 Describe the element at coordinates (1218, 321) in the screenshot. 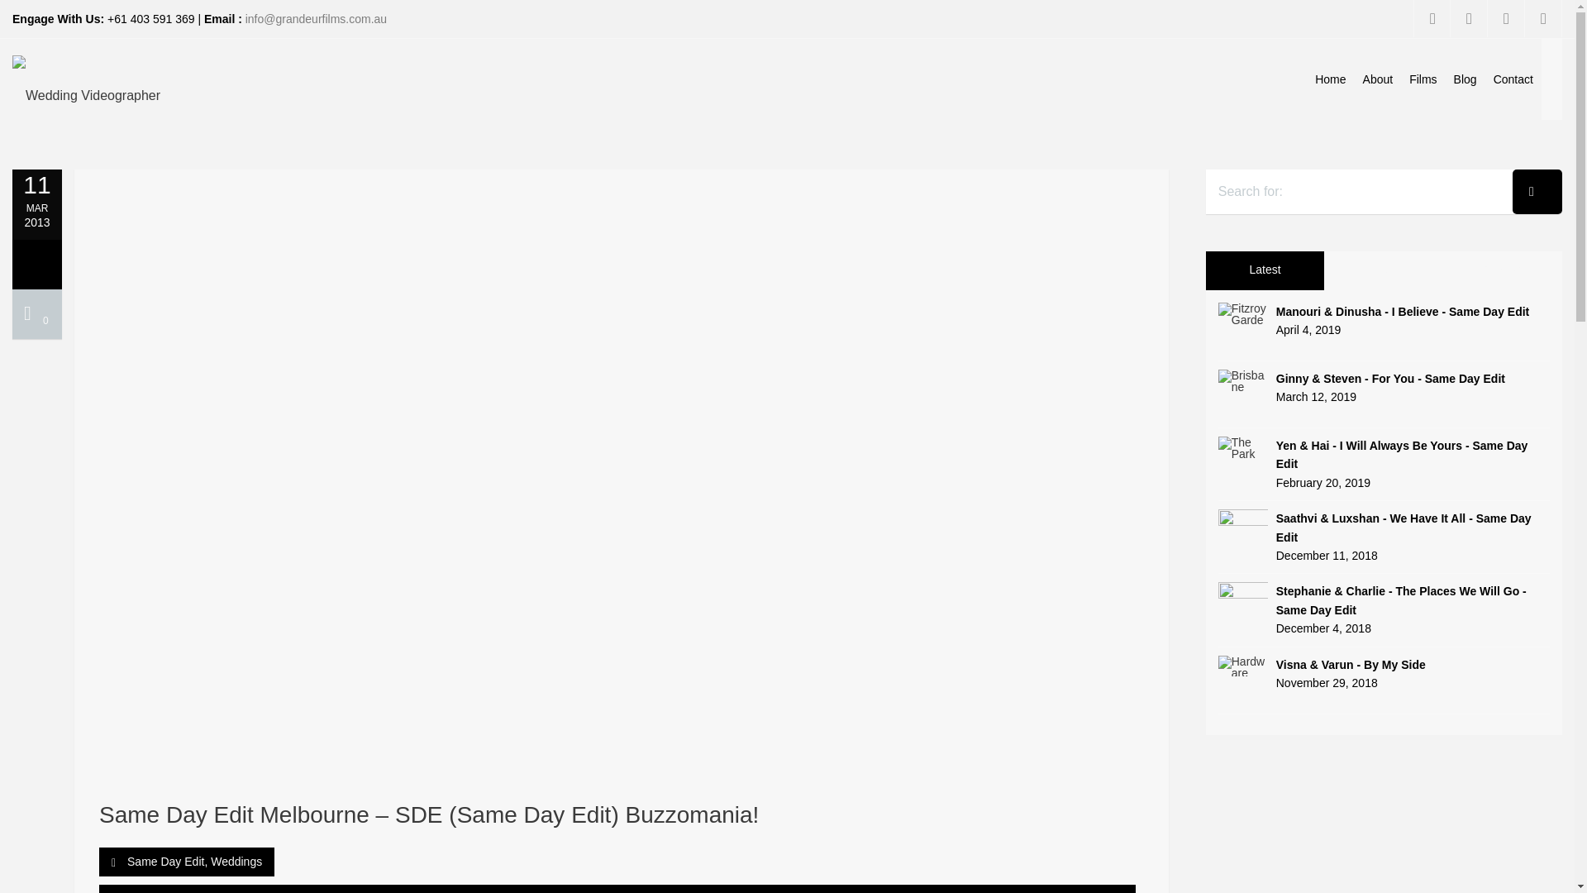

I see `'Manouri & Dinusha - I Believe - Same Day Edit` at that location.